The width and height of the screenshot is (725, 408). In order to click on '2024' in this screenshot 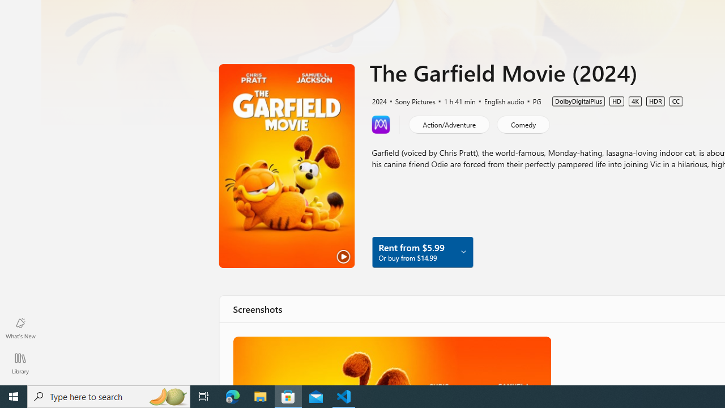, I will do `click(378, 100)`.